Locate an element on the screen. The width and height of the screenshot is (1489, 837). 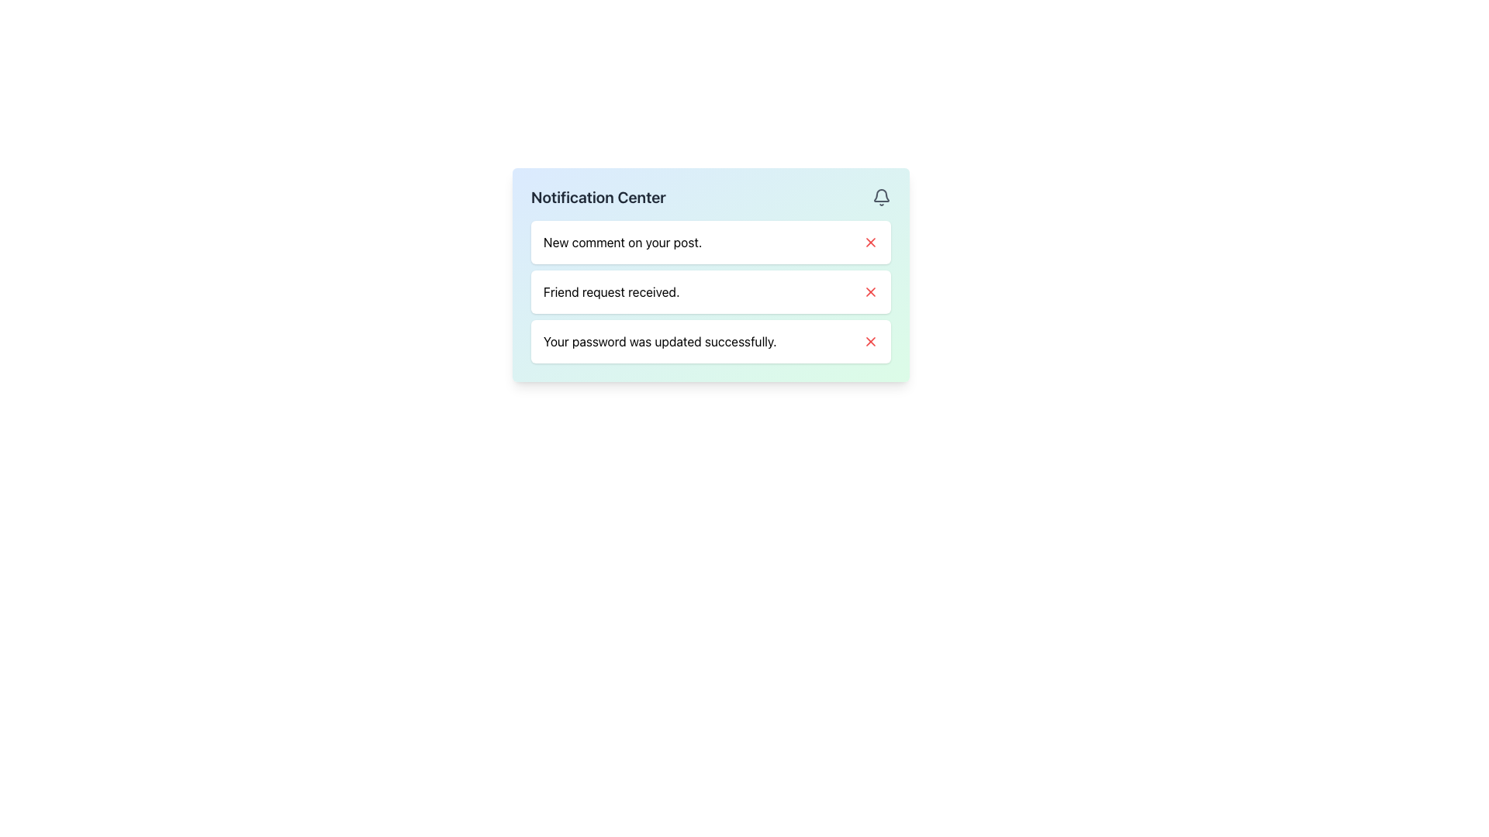
the notification labeled 'Friend request received.' in the Notification Center is located at coordinates (710, 274).